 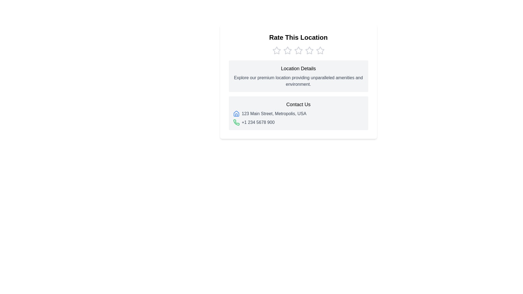 What do you see at coordinates (309, 50) in the screenshot?
I see `the fourth star icon in the rating system under the 'Rate This Location' heading to rate this level` at bounding box center [309, 50].